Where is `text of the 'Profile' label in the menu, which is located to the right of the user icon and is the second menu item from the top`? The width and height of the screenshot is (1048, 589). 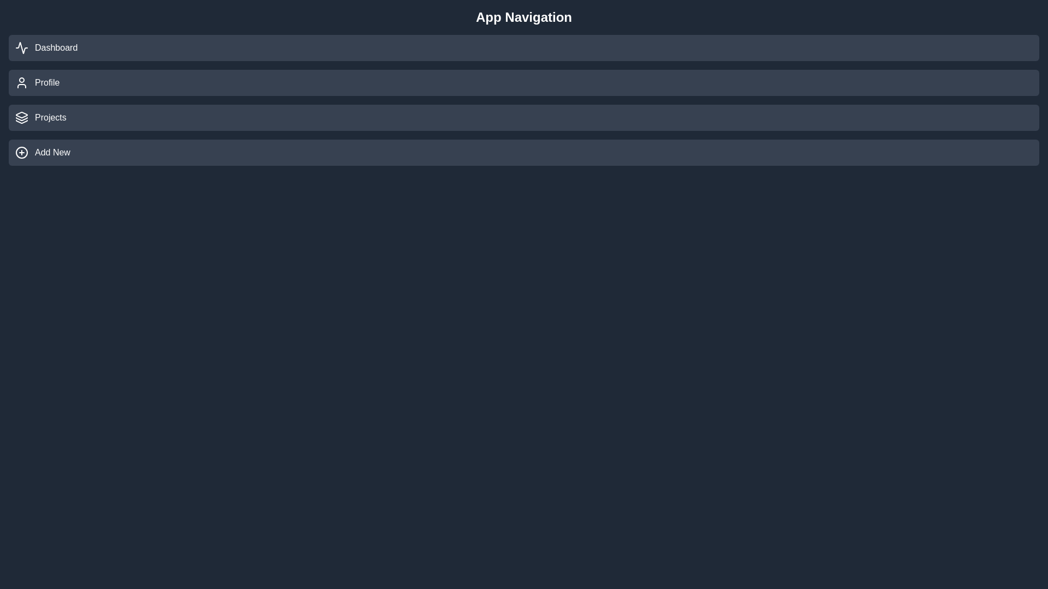
text of the 'Profile' label in the menu, which is located to the right of the user icon and is the second menu item from the top is located at coordinates (46, 82).